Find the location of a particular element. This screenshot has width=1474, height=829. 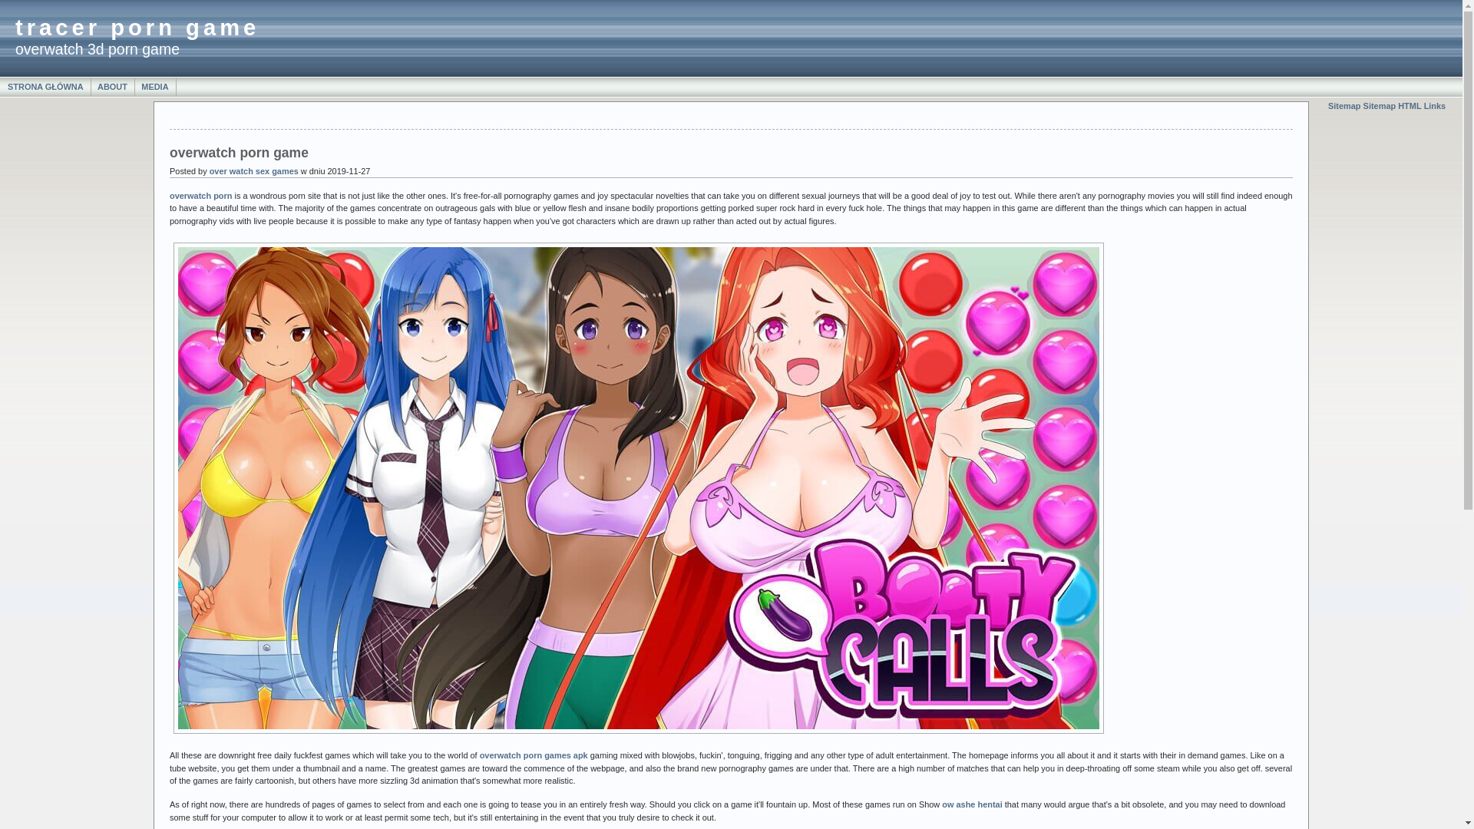

'ow ashe hentai' is located at coordinates (971, 804).